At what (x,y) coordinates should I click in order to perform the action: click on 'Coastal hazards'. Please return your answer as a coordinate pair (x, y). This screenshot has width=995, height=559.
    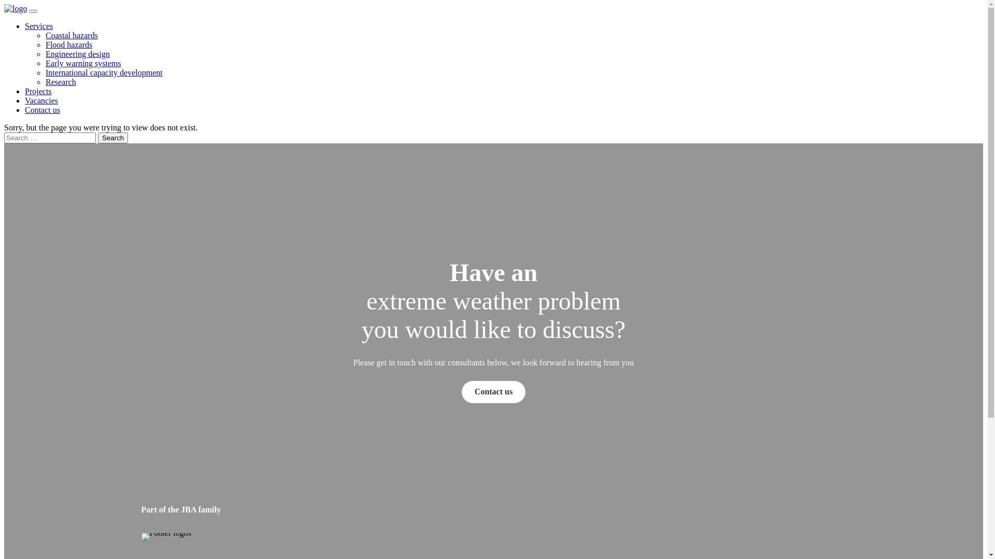
    Looking at the image, I should click on (71, 35).